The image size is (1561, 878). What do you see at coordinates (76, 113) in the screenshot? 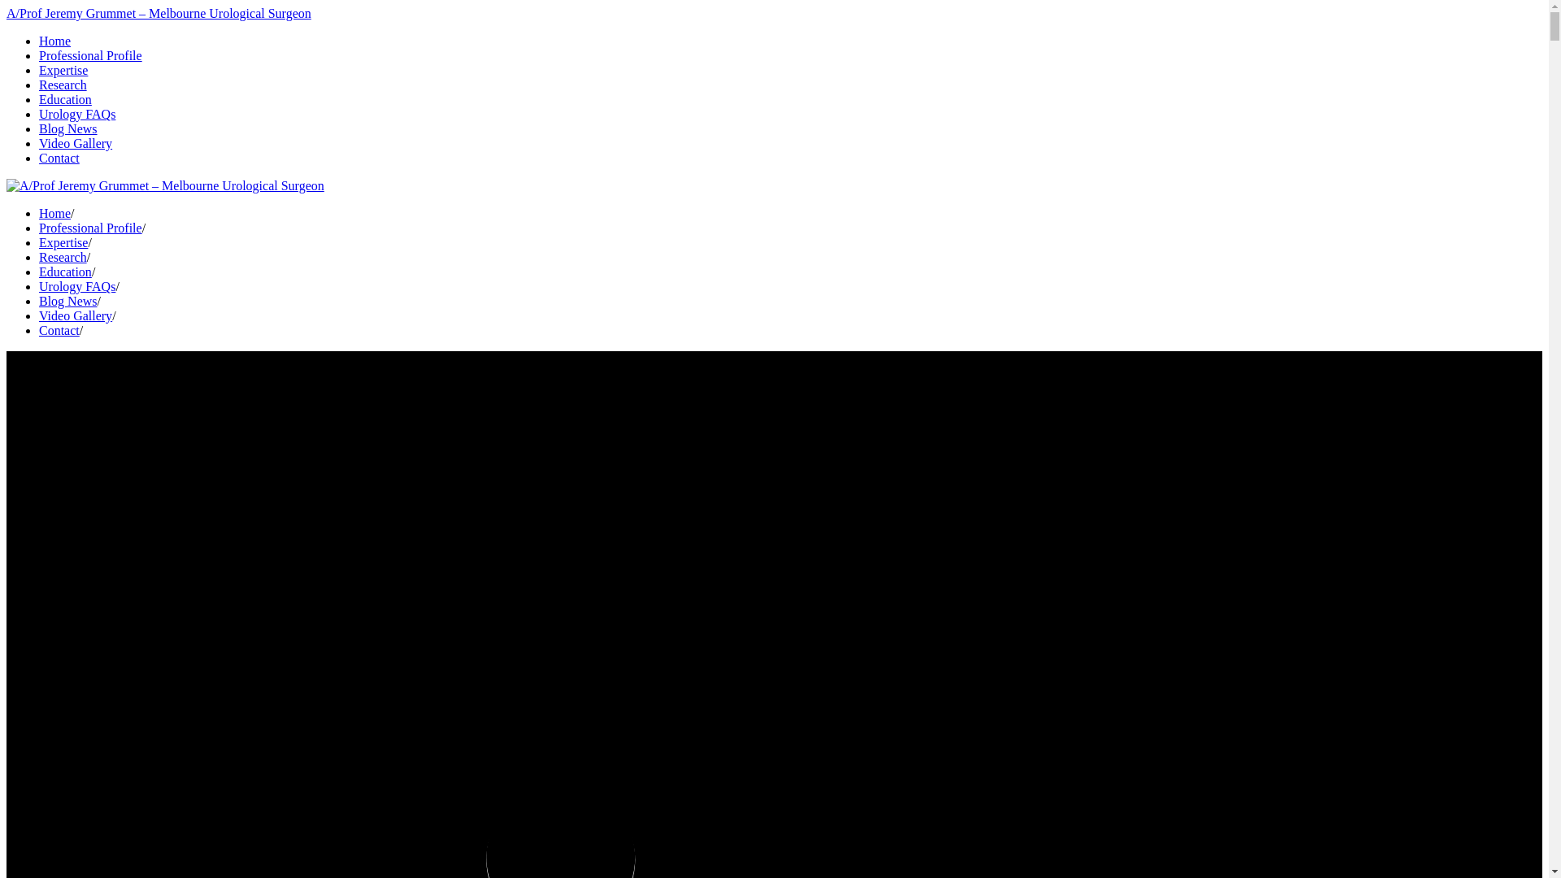
I see `'Urology FAQs'` at bounding box center [76, 113].